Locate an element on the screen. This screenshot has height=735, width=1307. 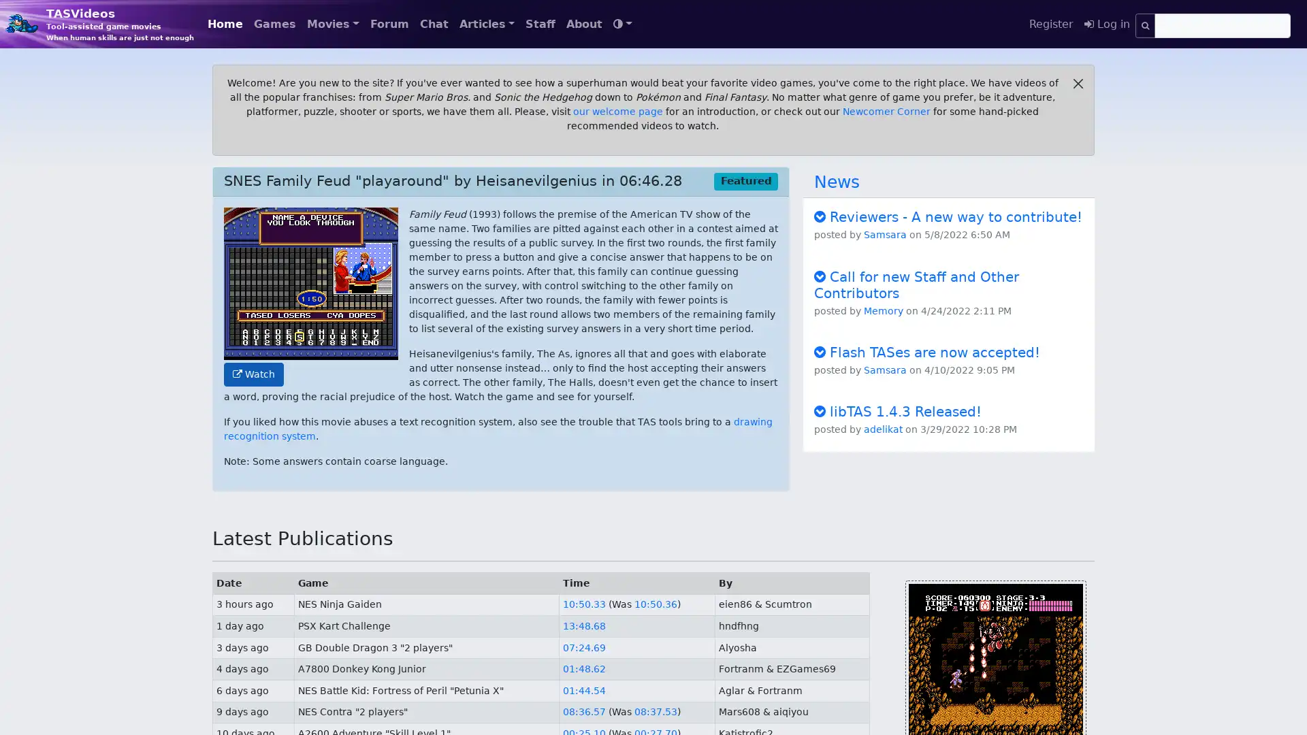
close is located at coordinates (1078, 84).